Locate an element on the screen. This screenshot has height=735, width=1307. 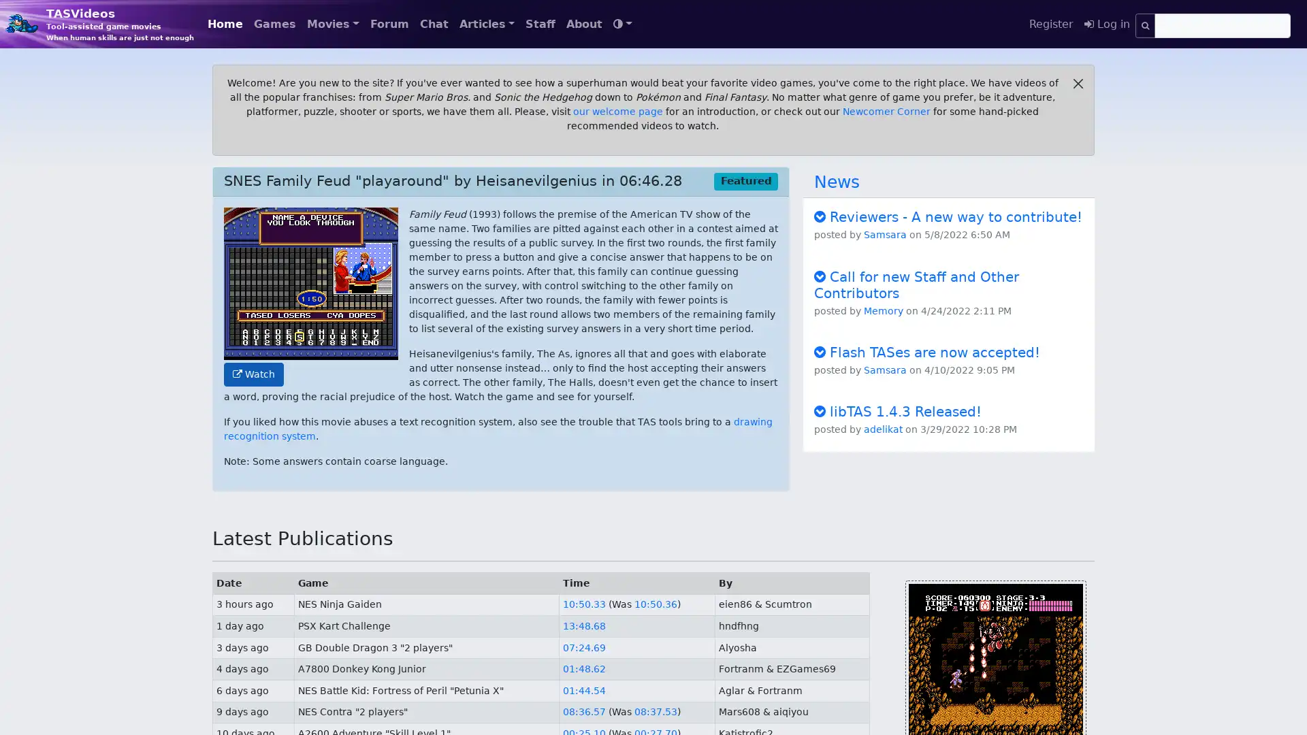
close is located at coordinates (1078, 84).